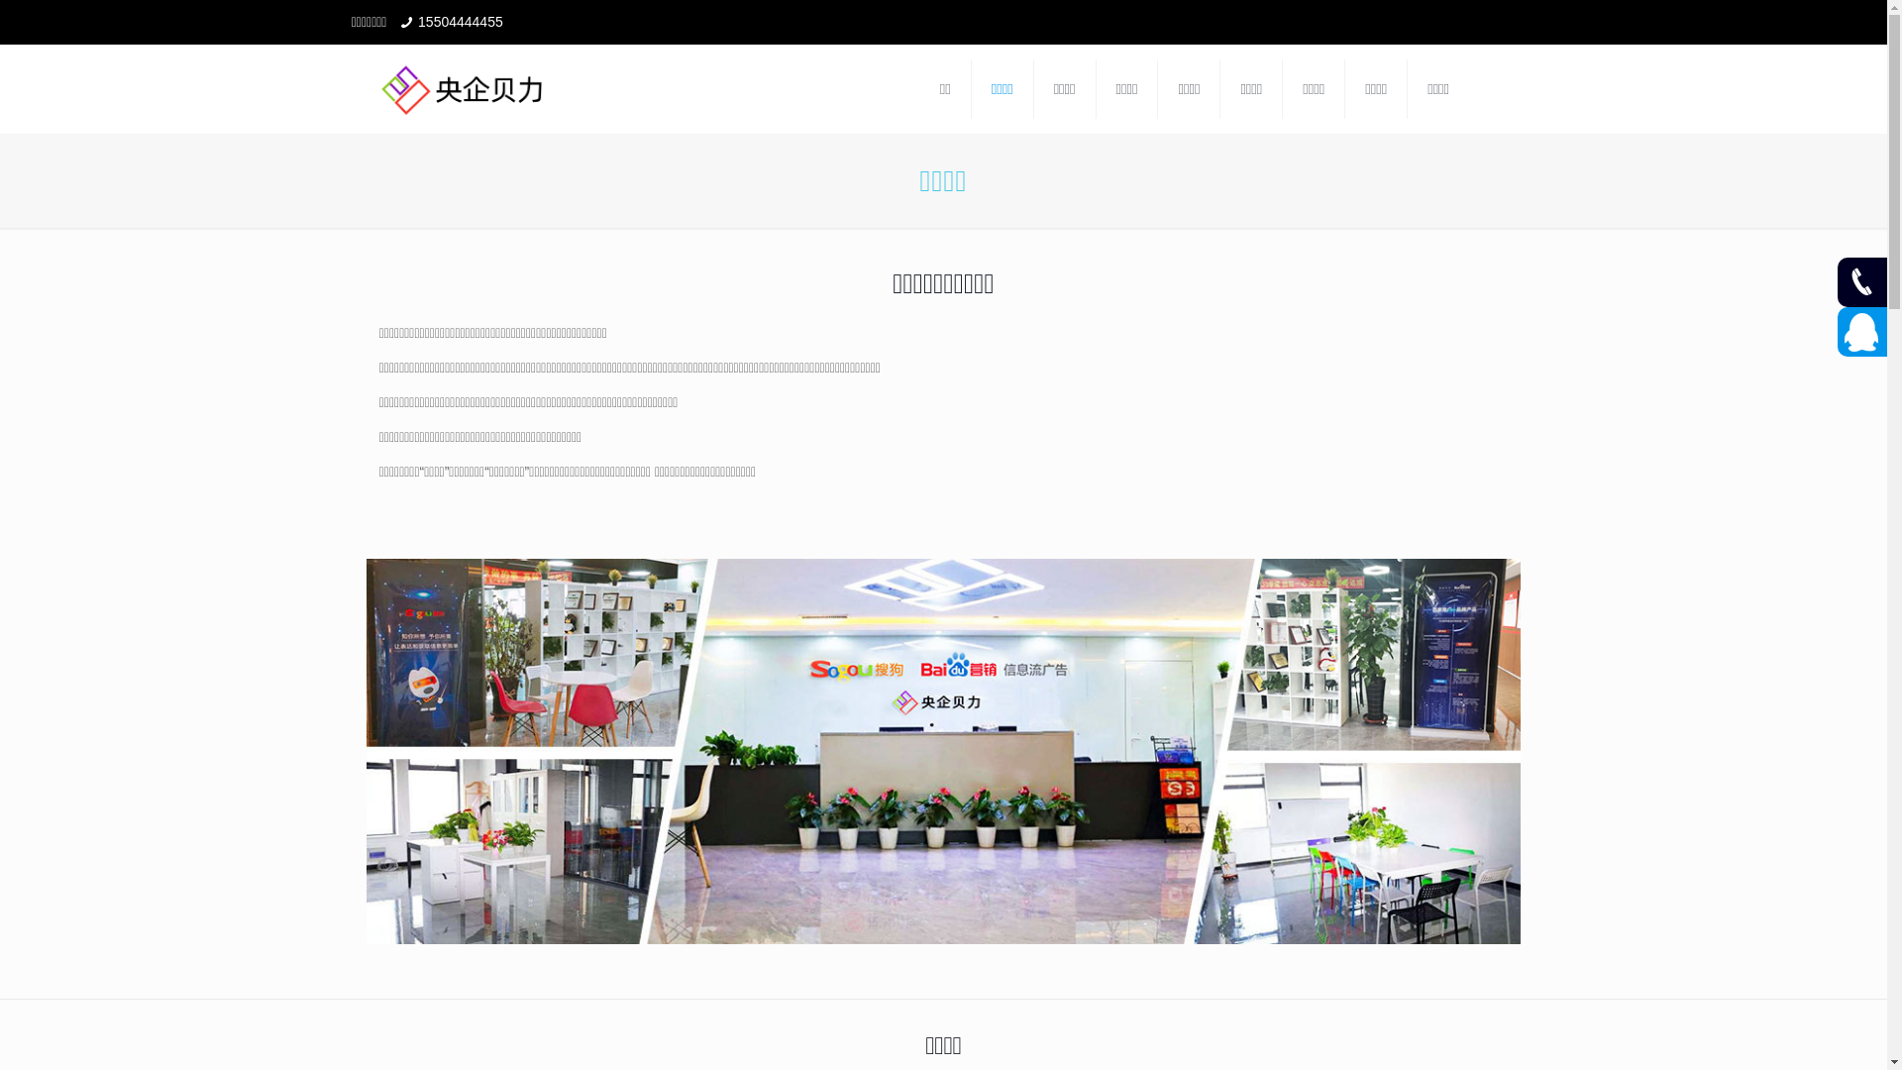 The height and width of the screenshot is (1070, 1902). What do you see at coordinates (460, 22) in the screenshot?
I see `'15504444455'` at bounding box center [460, 22].